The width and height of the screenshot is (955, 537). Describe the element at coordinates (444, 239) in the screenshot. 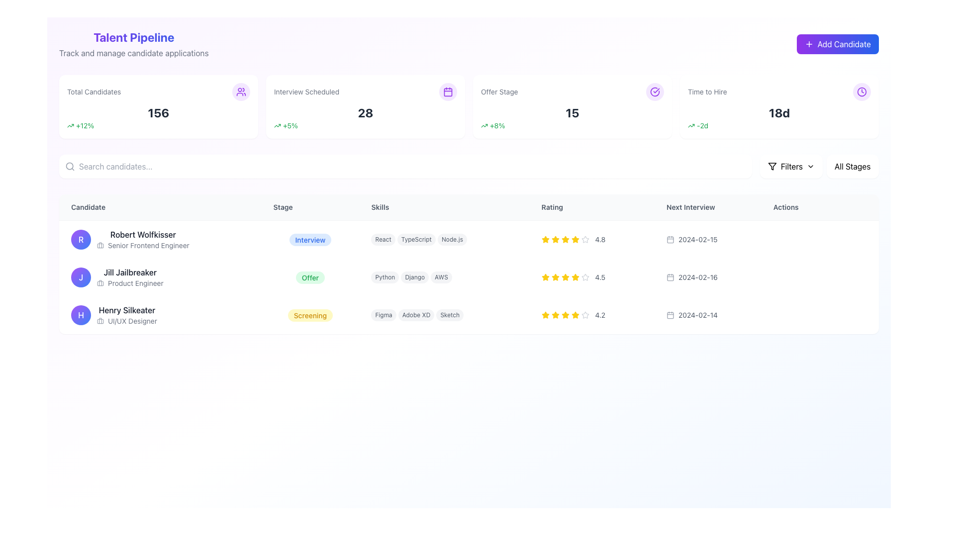

I see `the text label group displaying the skills associated with 'Robert Wolfkisser', which is located in the 'Skills' column of the first row of the table` at that location.